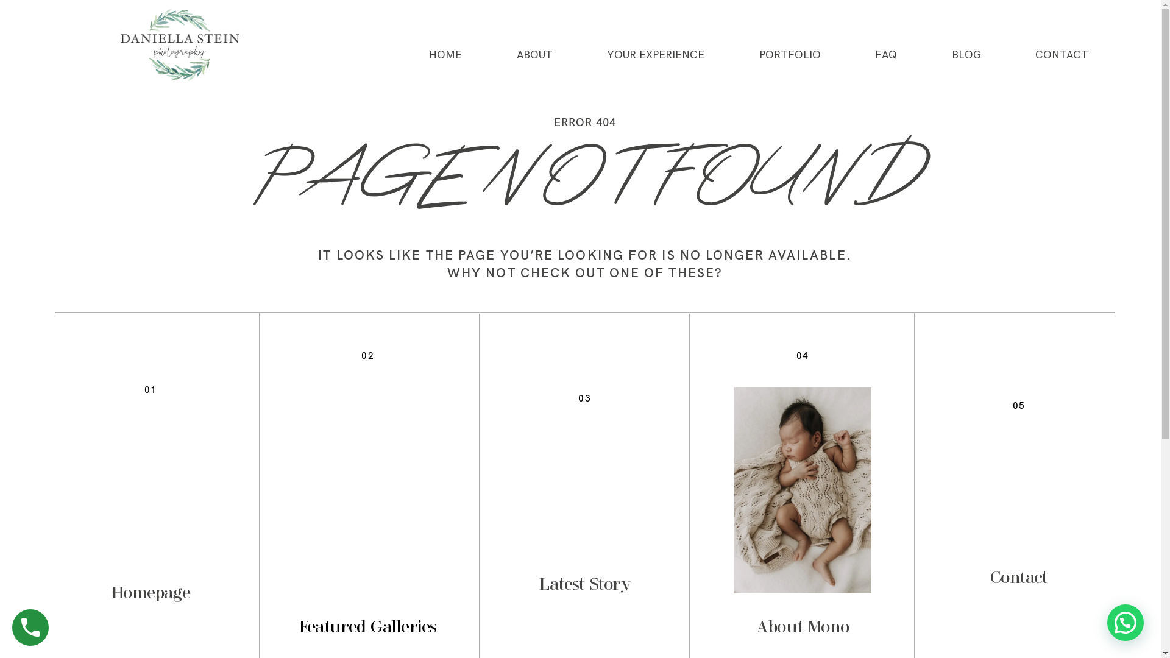 Image resolution: width=1170 pixels, height=658 pixels. What do you see at coordinates (654, 55) in the screenshot?
I see `'YOUR EXPERIENCE'` at bounding box center [654, 55].